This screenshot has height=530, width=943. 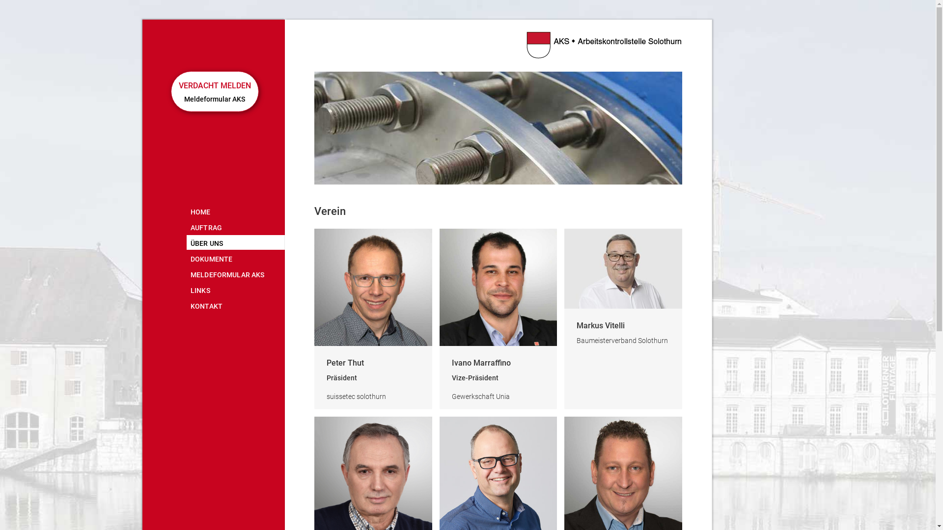 I want to click on 'KONTAKT', so click(x=236, y=304).